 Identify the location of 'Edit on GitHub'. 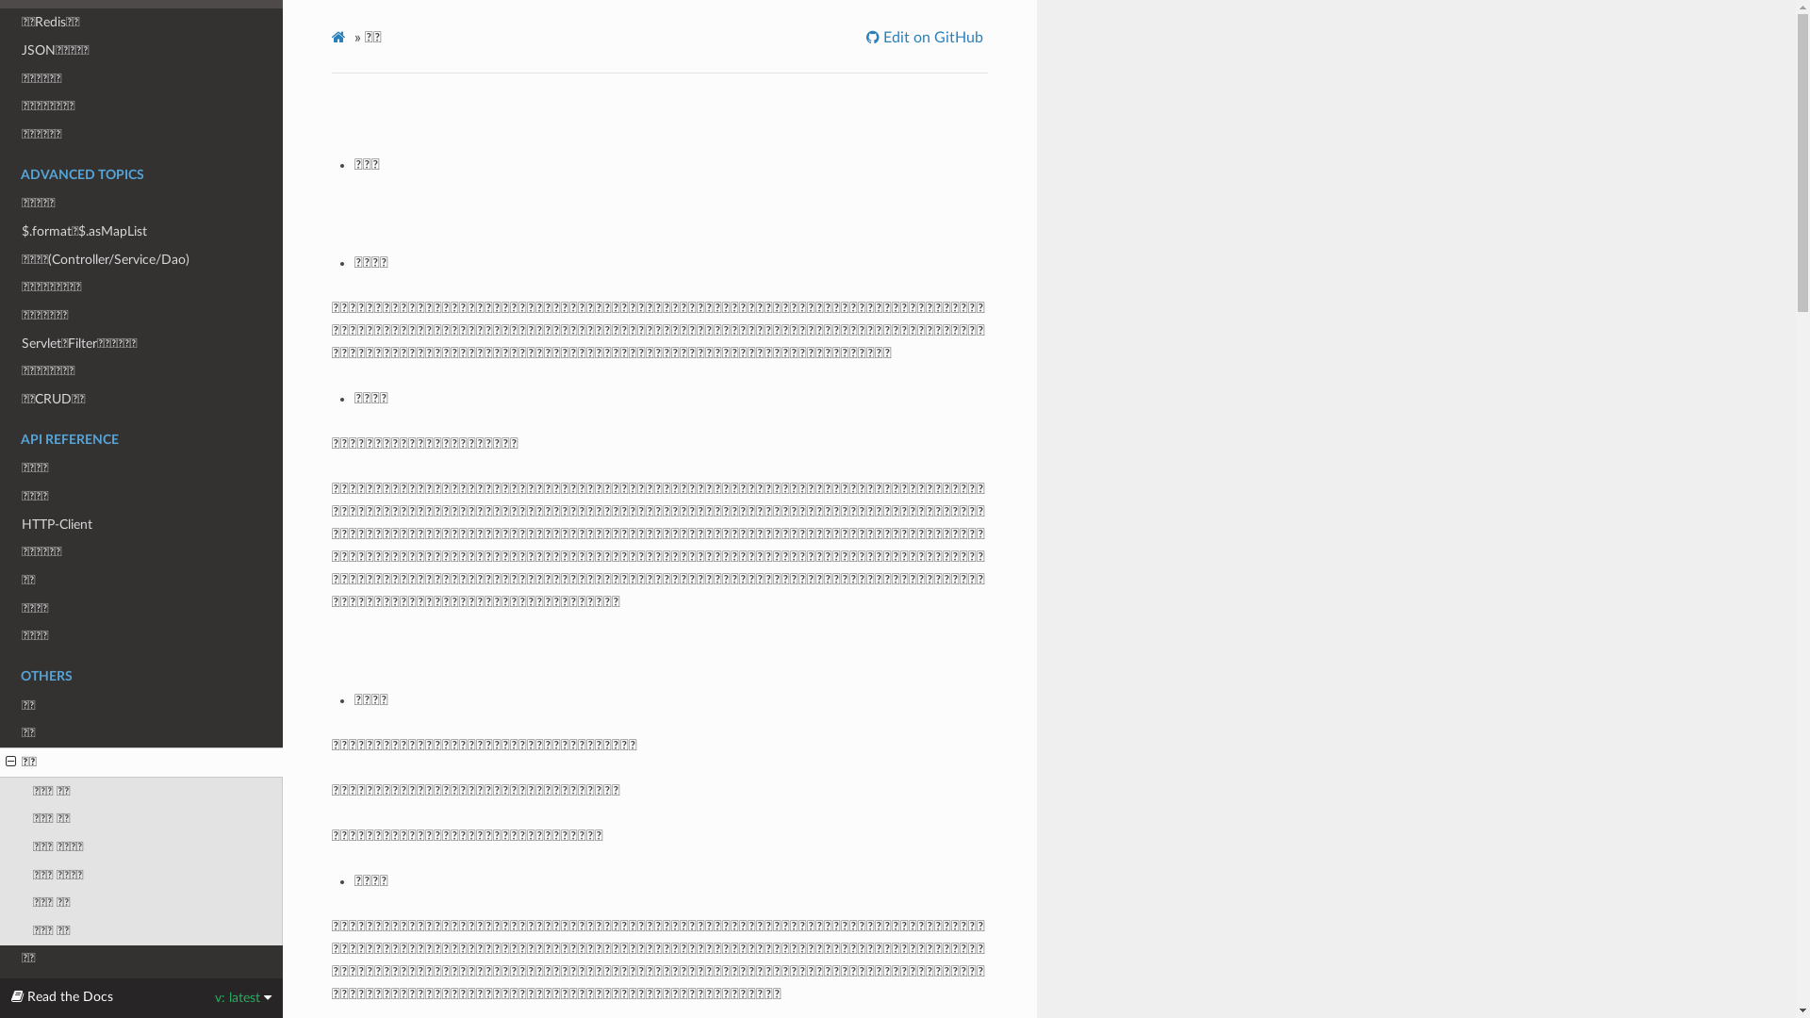
(927, 37).